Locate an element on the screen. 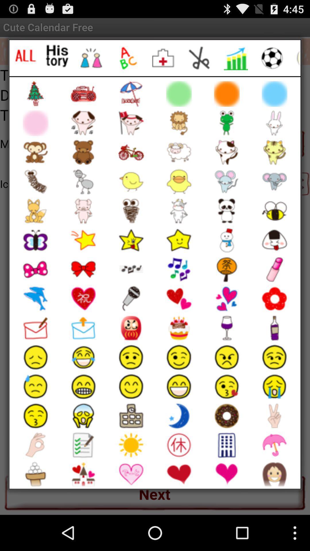 Image resolution: width=310 pixels, height=551 pixels. history is located at coordinates (57, 56).